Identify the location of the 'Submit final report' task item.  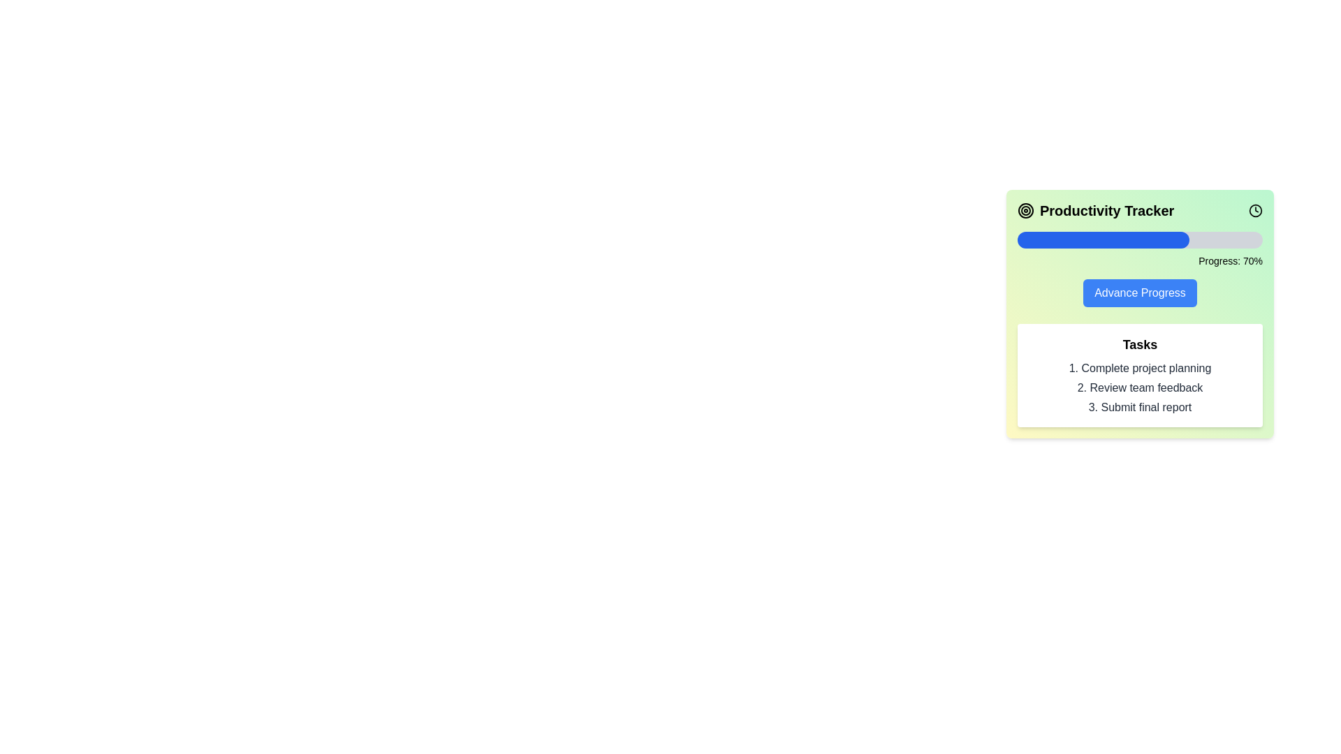
(1140, 407).